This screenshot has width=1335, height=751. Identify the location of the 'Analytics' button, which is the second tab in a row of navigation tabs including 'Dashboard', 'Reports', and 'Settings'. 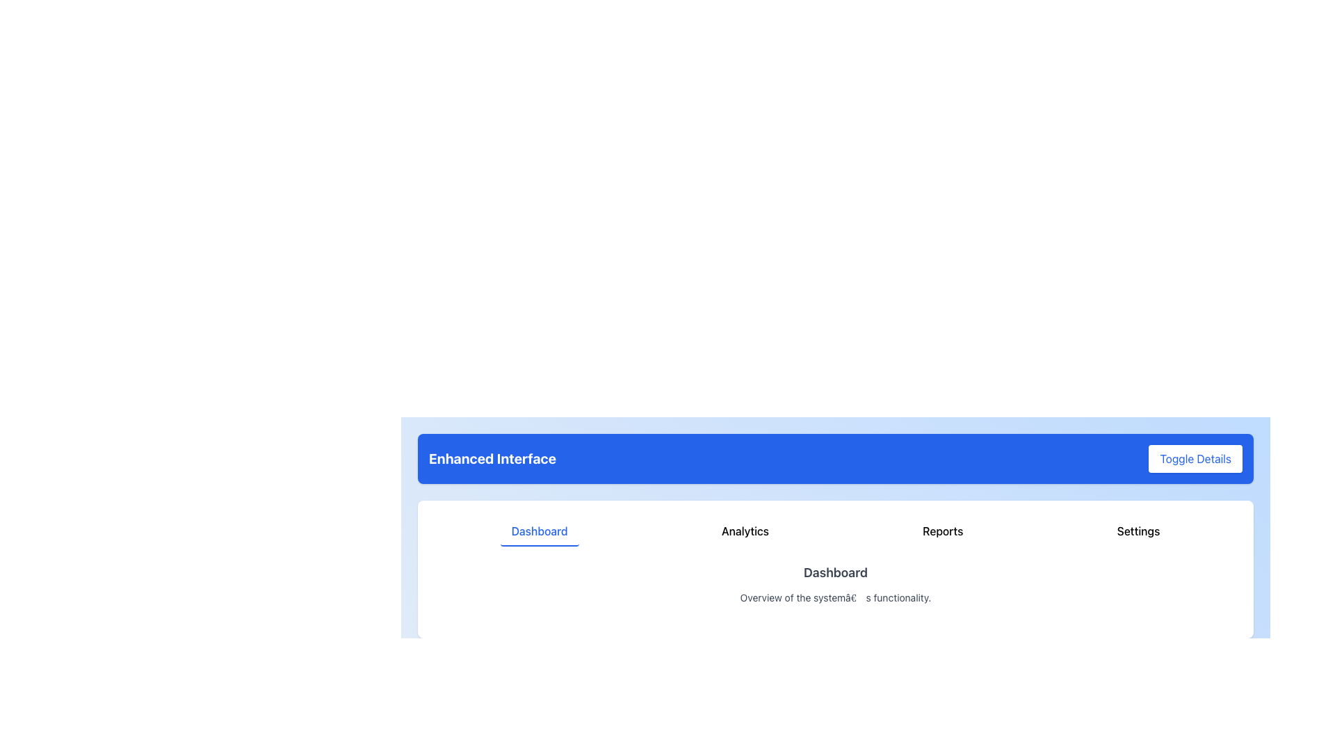
(743, 531).